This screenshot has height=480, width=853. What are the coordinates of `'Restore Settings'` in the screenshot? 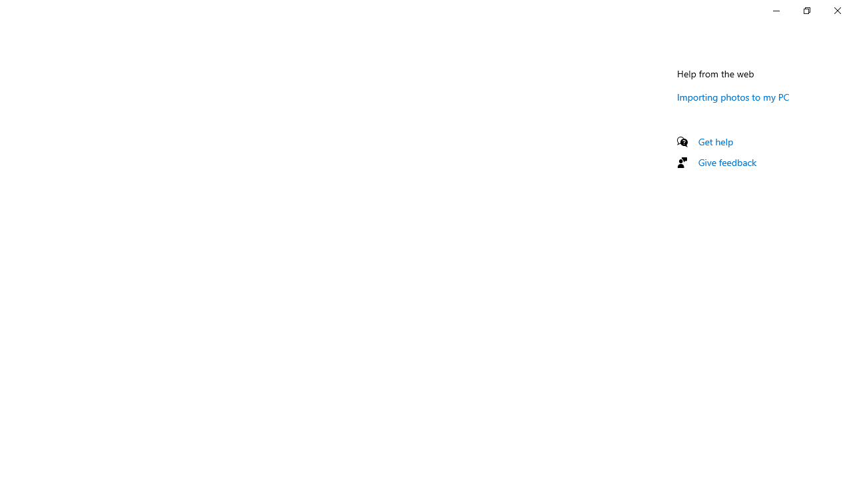 It's located at (806, 10).